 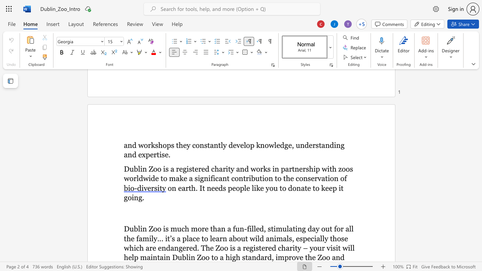 What do you see at coordinates (303, 238) in the screenshot?
I see `the space between the continuous character "s" and "p" in the text` at bounding box center [303, 238].